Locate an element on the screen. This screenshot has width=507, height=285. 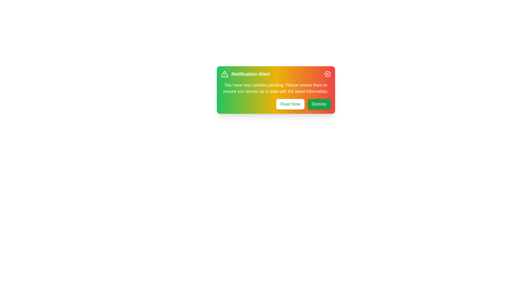
'Read Now' button to proceed to the content is located at coordinates (290, 104).